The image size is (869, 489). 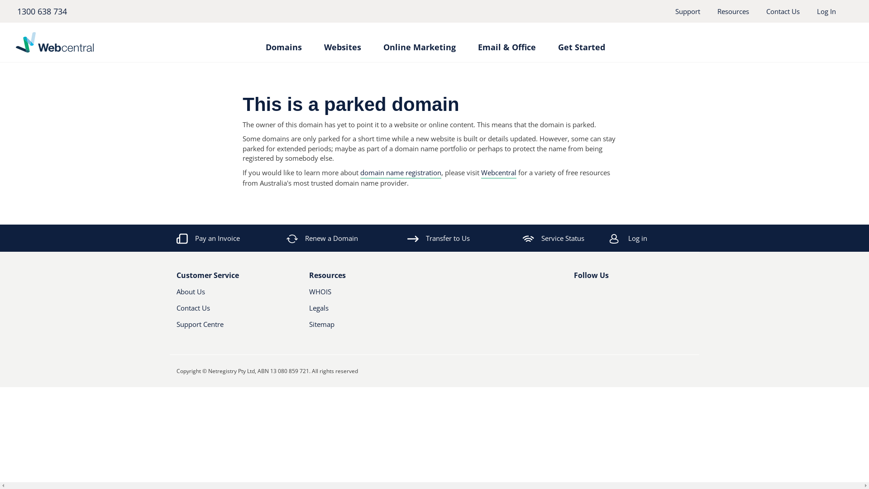 What do you see at coordinates (826, 11) in the screenshot?
I see `'Log In'` at bounding box center [826, 11].